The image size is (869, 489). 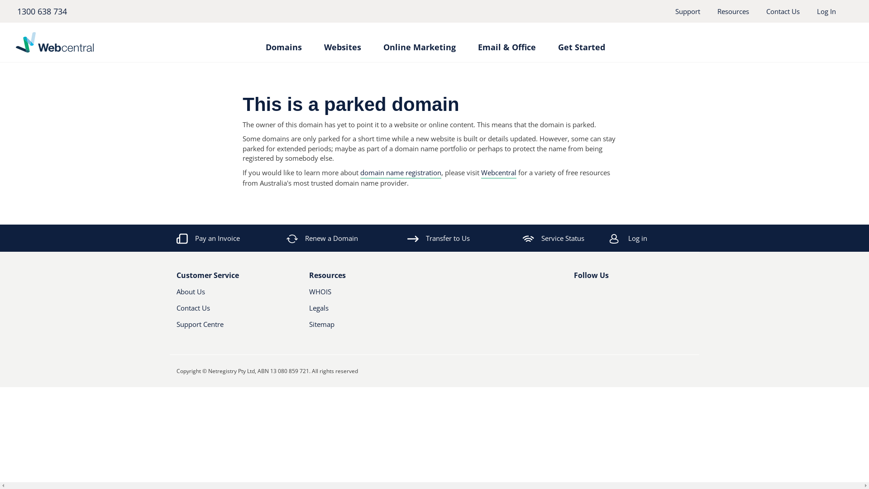 What do you see at coordinates (826, 11) in the screenshot?
I see `'Log In'` at bounding box center [826, 11].